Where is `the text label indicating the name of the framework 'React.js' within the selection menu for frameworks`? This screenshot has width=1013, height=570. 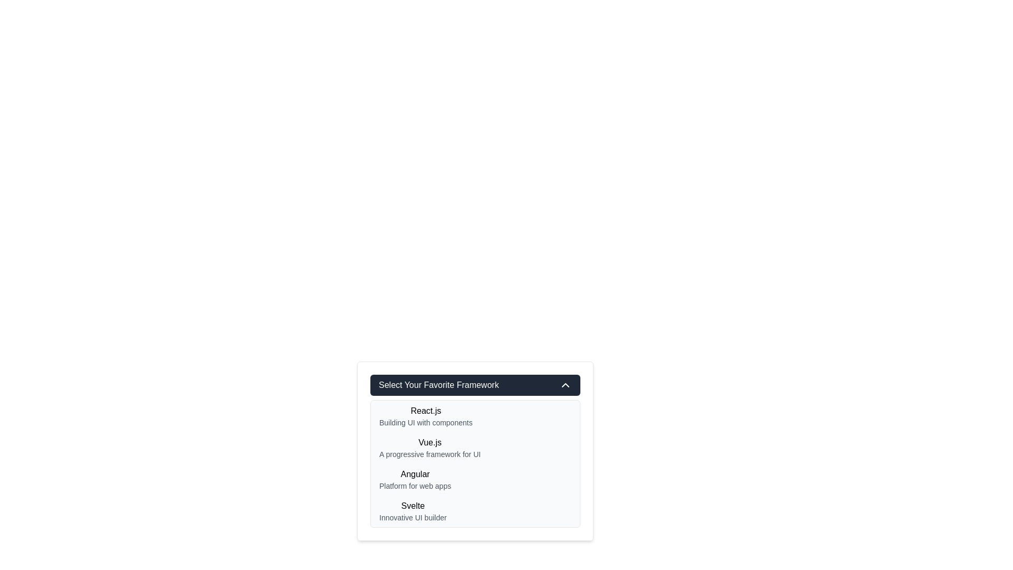 the text label indicating the name of the framework 'React.js' within the selection menu for frameworks is located at coordinates (426, 411).